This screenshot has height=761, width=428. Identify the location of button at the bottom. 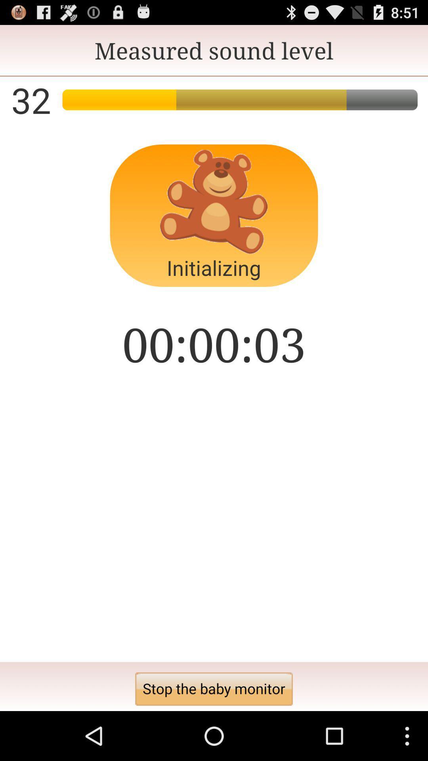
(214, 688).